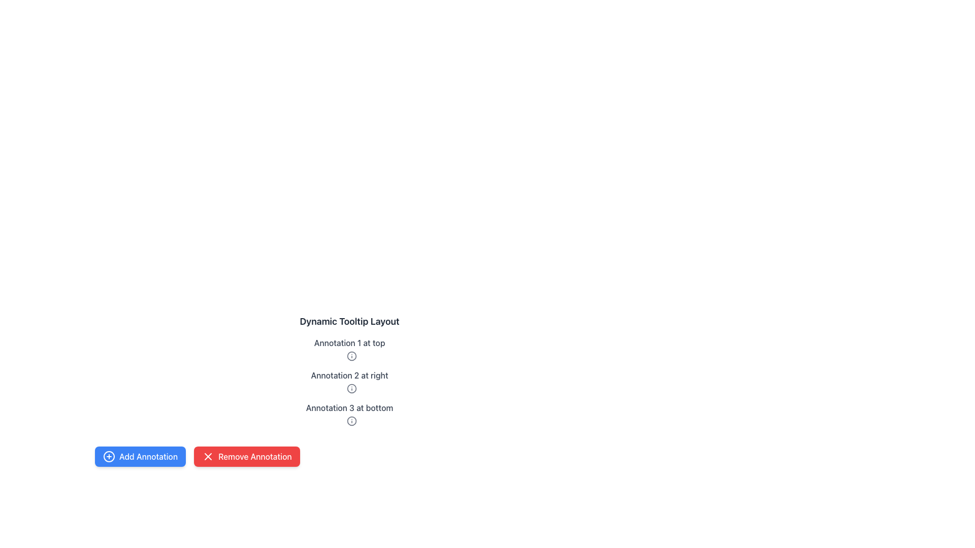  I want to click on the icon located to the right of the text 'Annotation 1 at top' in the vertical list of annotations, which displays additional information when interacted with, so click(351, 355).